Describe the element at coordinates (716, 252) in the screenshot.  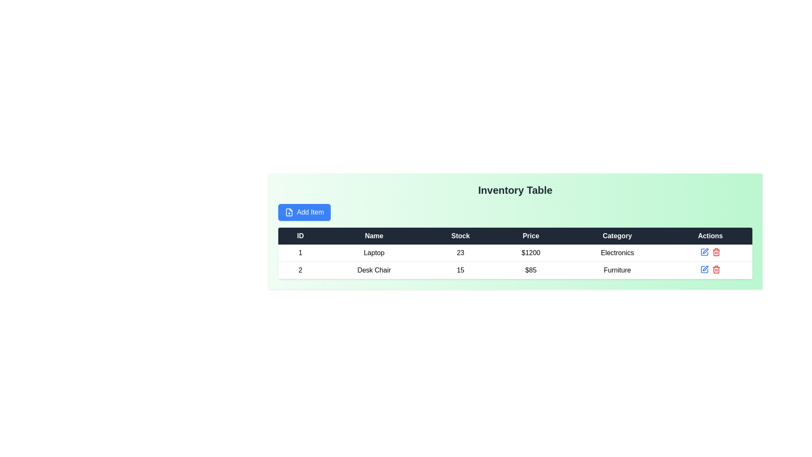
I see `the 'delete' icon located in the 'Actions' column of the second row of the table` at that location.